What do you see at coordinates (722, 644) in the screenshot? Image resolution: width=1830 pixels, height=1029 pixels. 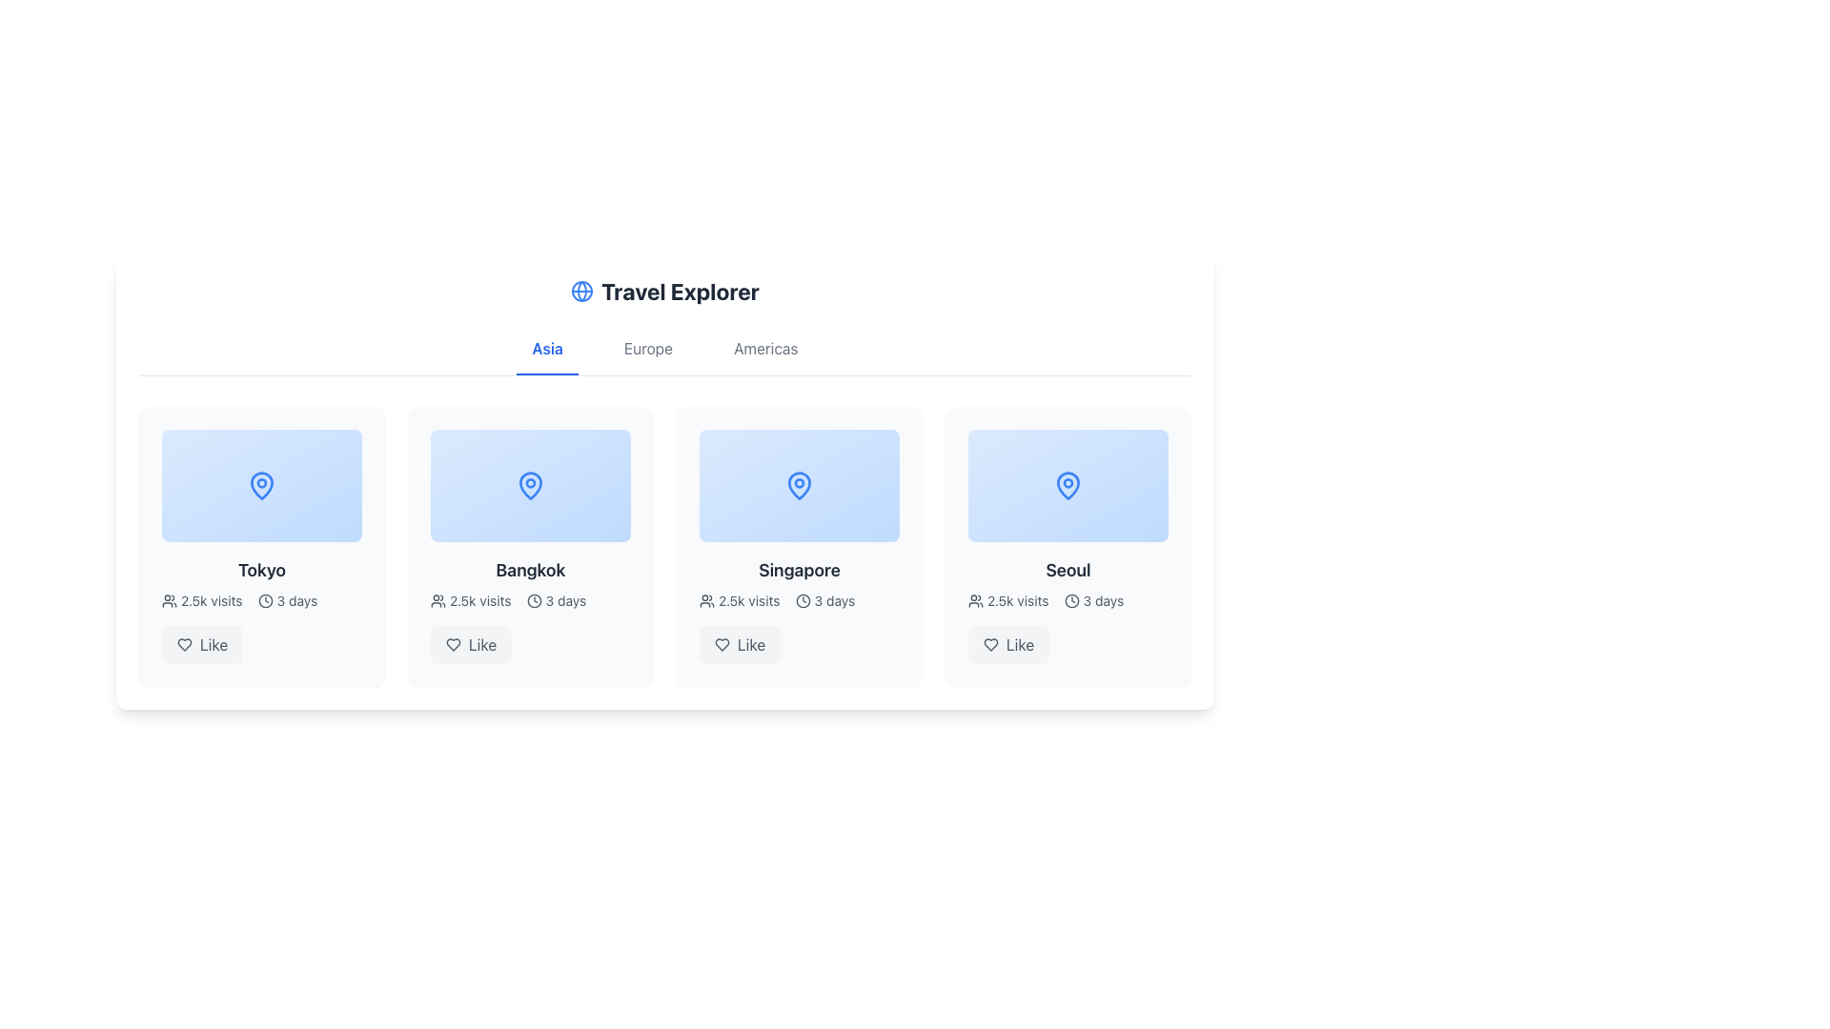 I see `the heart-shaped icon within the 'Like' button located at the bottom section of the 'Singapore' card in the 'Asia' region` at bounding box center [722, 644].